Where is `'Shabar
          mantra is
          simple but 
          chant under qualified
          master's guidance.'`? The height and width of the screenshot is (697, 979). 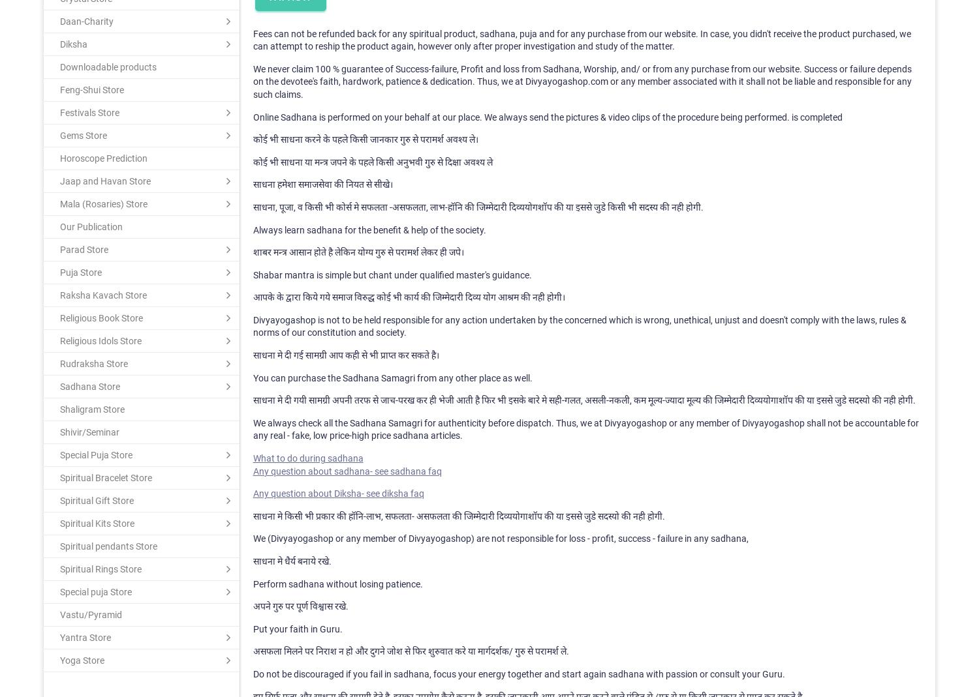 'Shabar
          mantra is
          simple but 
          chant under qualified
          master's guidance.' is located at coordinates (391, 274).